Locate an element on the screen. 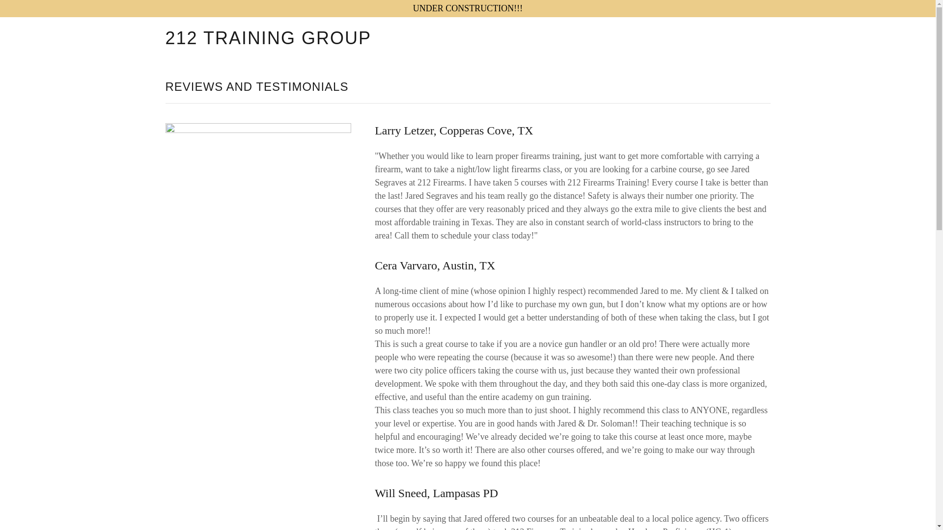  '212 TRAINING GROUP' is located at coordinates (271, 41).